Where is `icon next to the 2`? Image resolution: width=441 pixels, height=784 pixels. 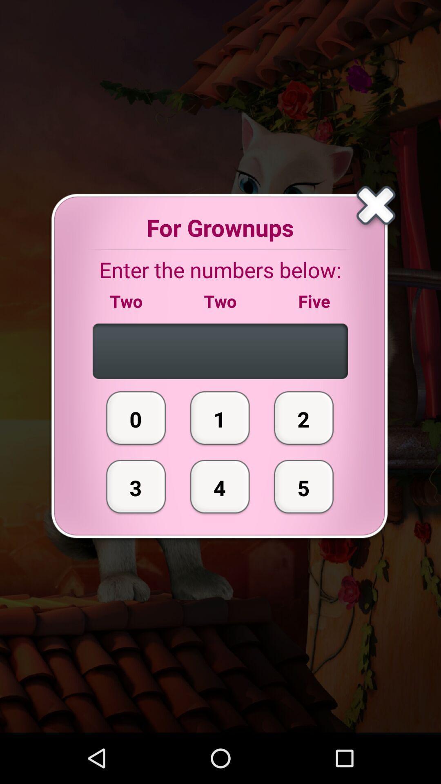
icon next to the 2 is located at coordinates (220, 486).